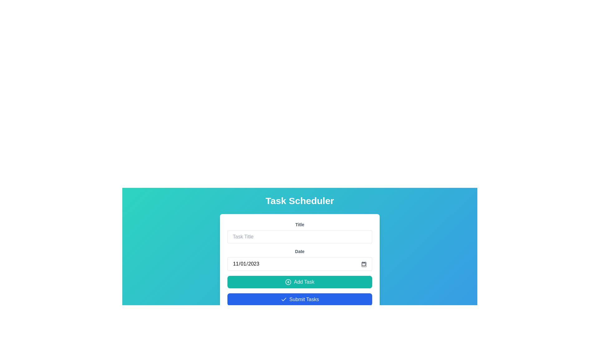  What do you see at coordinates (283, 299) in the screenshot?
I see `the SVG icon that indicates task completion, located slightly to the left of the 'Submit Tasks' button label, within the button boundary` at bounding box center [283, 299].